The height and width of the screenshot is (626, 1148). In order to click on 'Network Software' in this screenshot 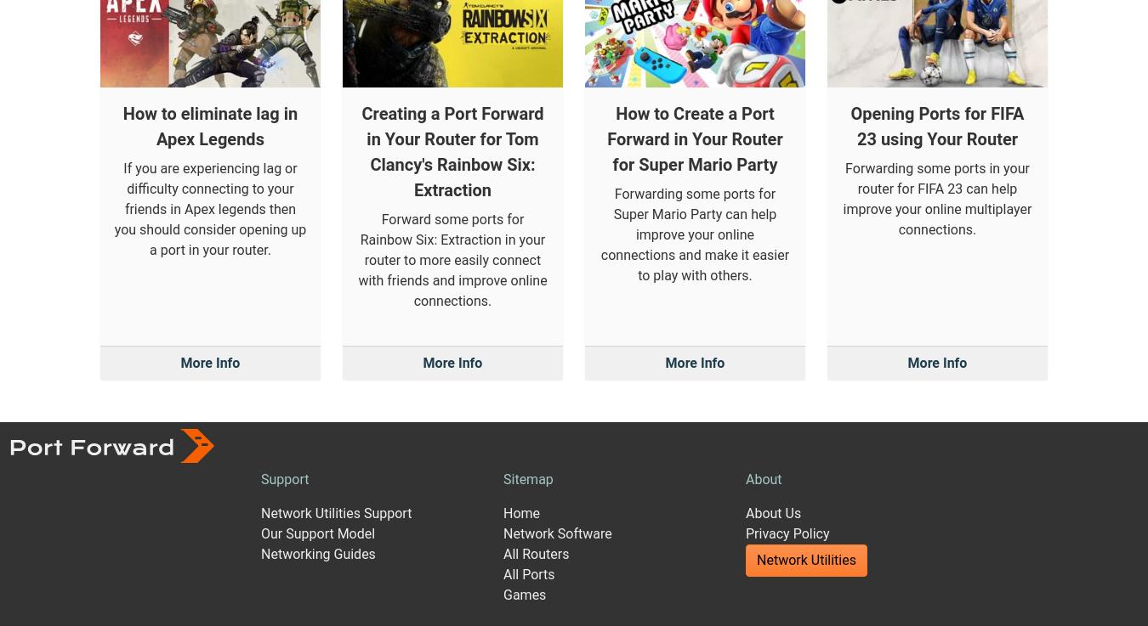, I will do `click(557, 369)`.